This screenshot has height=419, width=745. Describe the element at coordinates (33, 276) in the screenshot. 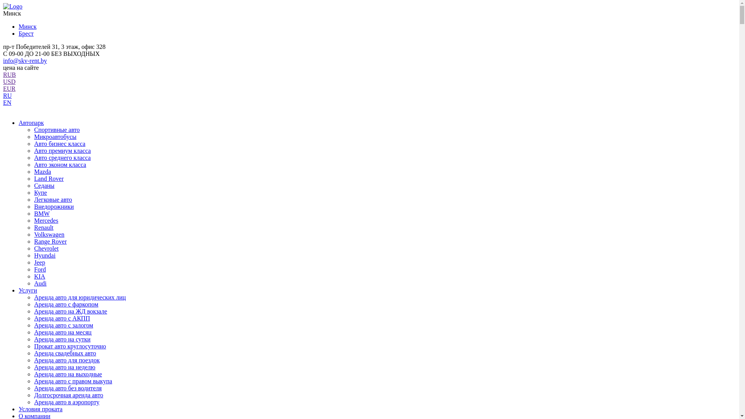

I see `'KIA'` at that location.